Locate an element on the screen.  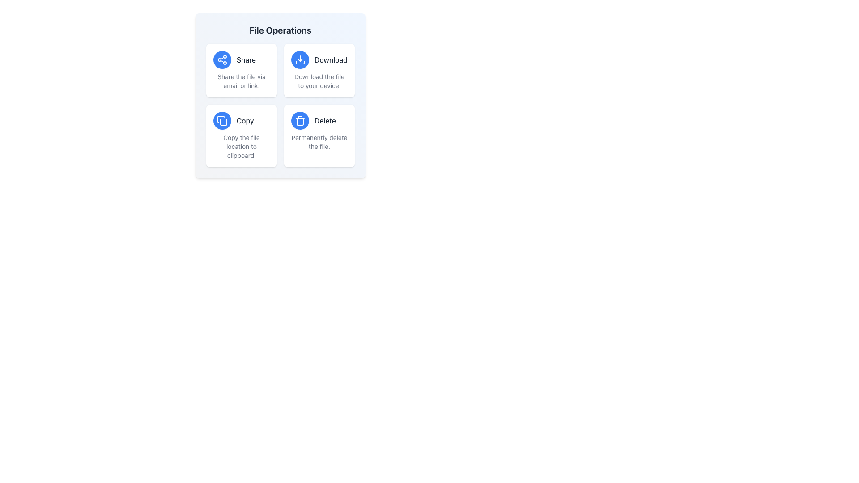
the text label providing additional information related to the 'Copy' function, located beneath the 'Copy' label and icon is located at coordinates (241, 146).